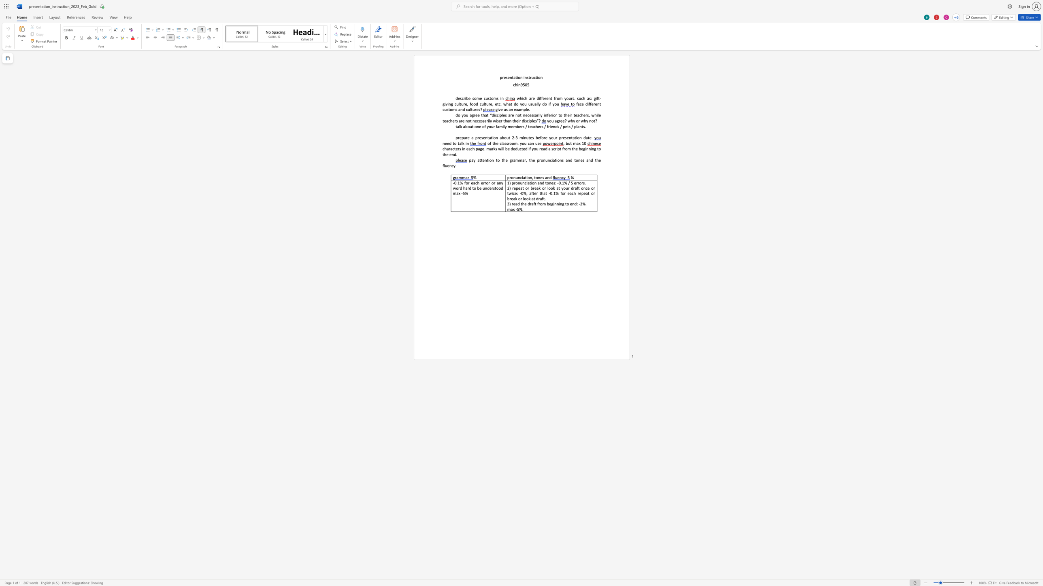  Describe the element at coordinates (562, 160) in the screenshot. I see `the space between the continuous character "n" and "s" in the text` at that location.